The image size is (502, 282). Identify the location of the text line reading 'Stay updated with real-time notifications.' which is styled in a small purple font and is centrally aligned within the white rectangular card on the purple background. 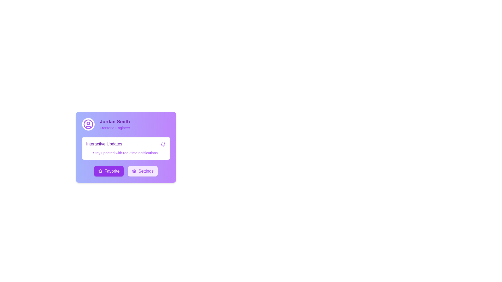
(126, 153).